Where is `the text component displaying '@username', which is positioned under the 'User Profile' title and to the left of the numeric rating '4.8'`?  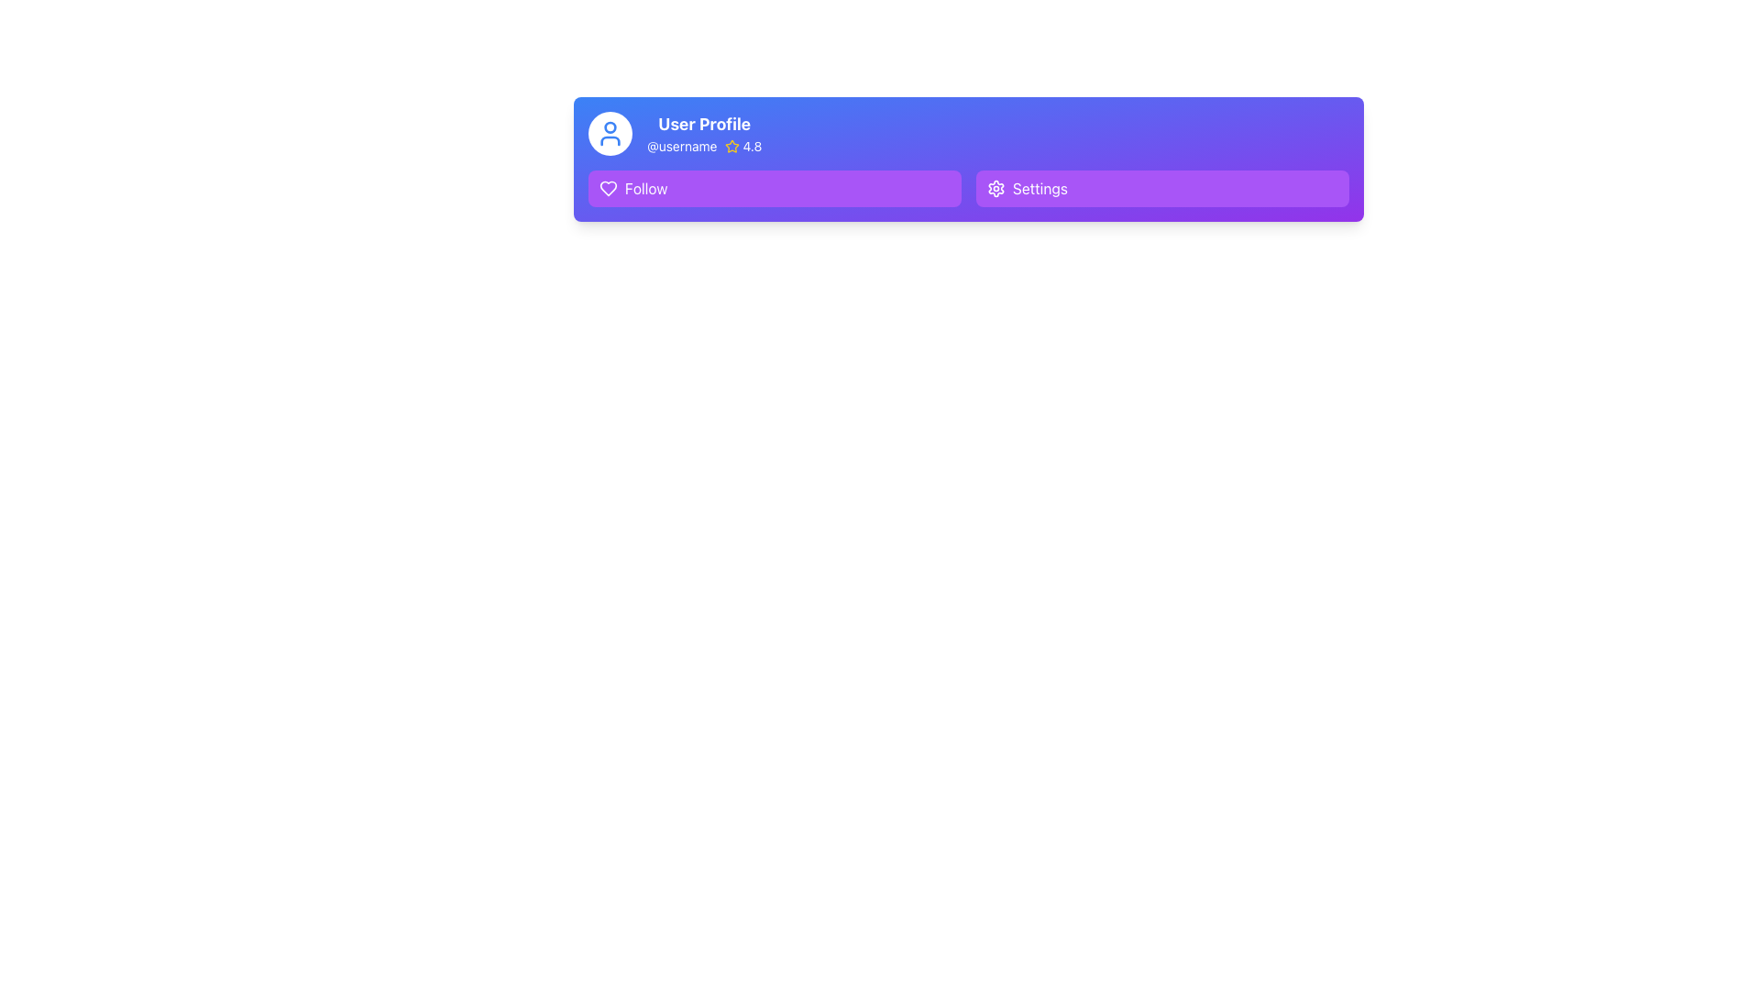
the text component displaying '@username', which is positioned under the 'User Profile' title and to the left of the numeric rating '4.8' is located at coordinates (681, 145).